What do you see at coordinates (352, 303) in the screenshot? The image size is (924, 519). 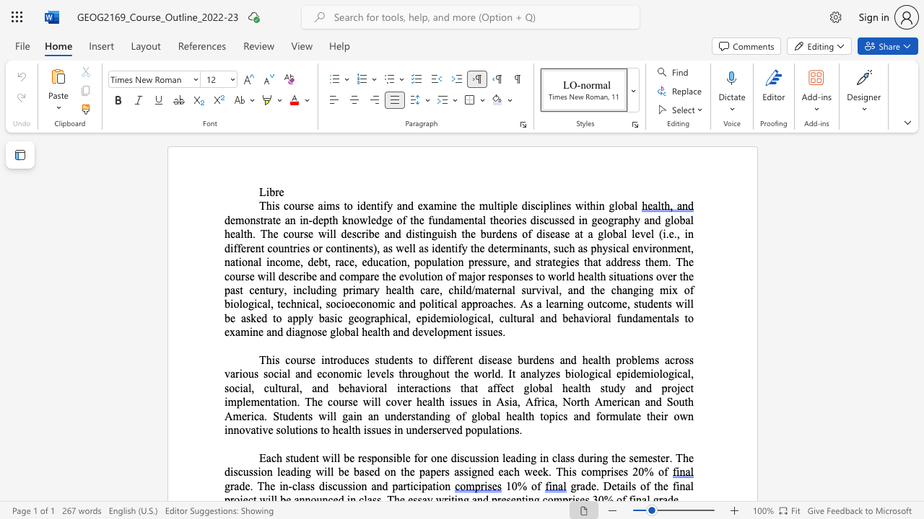 I see `the 1th character "e" in the text` at bounding box center [352, 303].